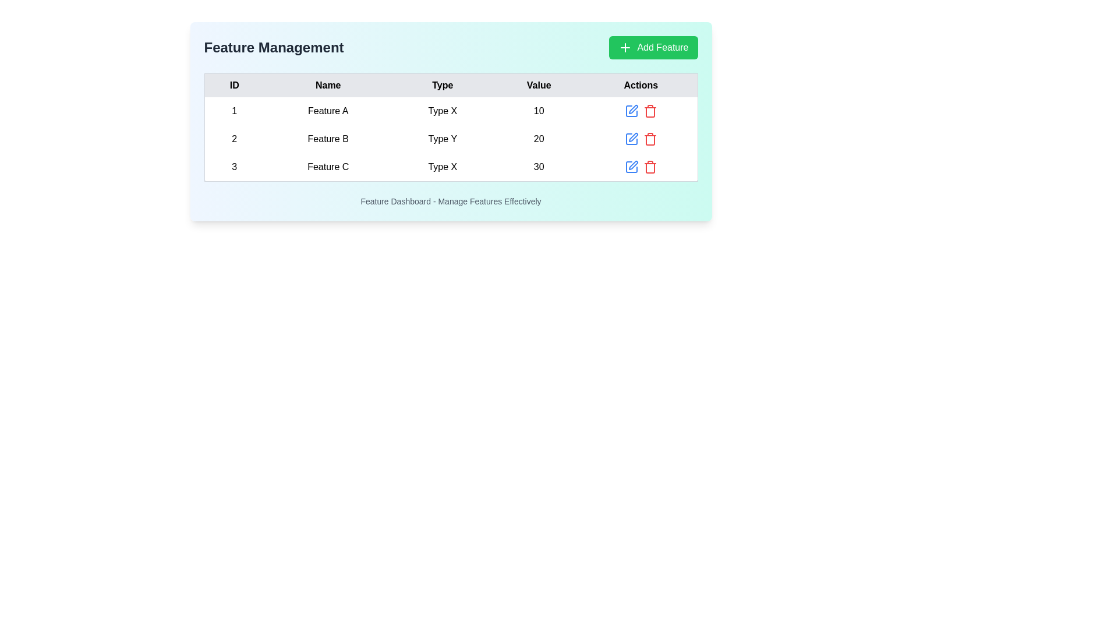 The height and width of the screenshot is (629, 1118). I want to click on the deletion button located in the 'Actions' column of the third row of the feature management table, which is the second interactive icon to the right of a blue edit icon, so click(649, 167).